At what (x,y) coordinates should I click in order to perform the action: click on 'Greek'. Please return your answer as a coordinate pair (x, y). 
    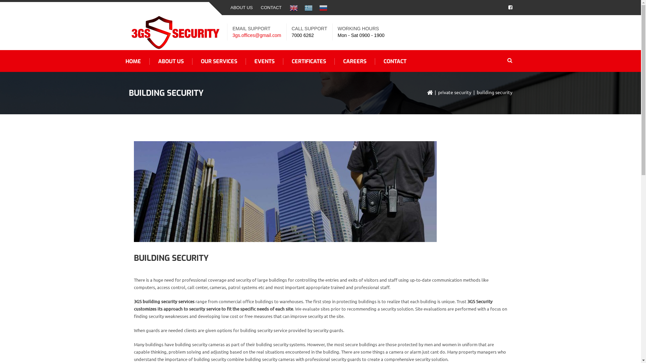
    Looking at the image, I should click on (308, 8).